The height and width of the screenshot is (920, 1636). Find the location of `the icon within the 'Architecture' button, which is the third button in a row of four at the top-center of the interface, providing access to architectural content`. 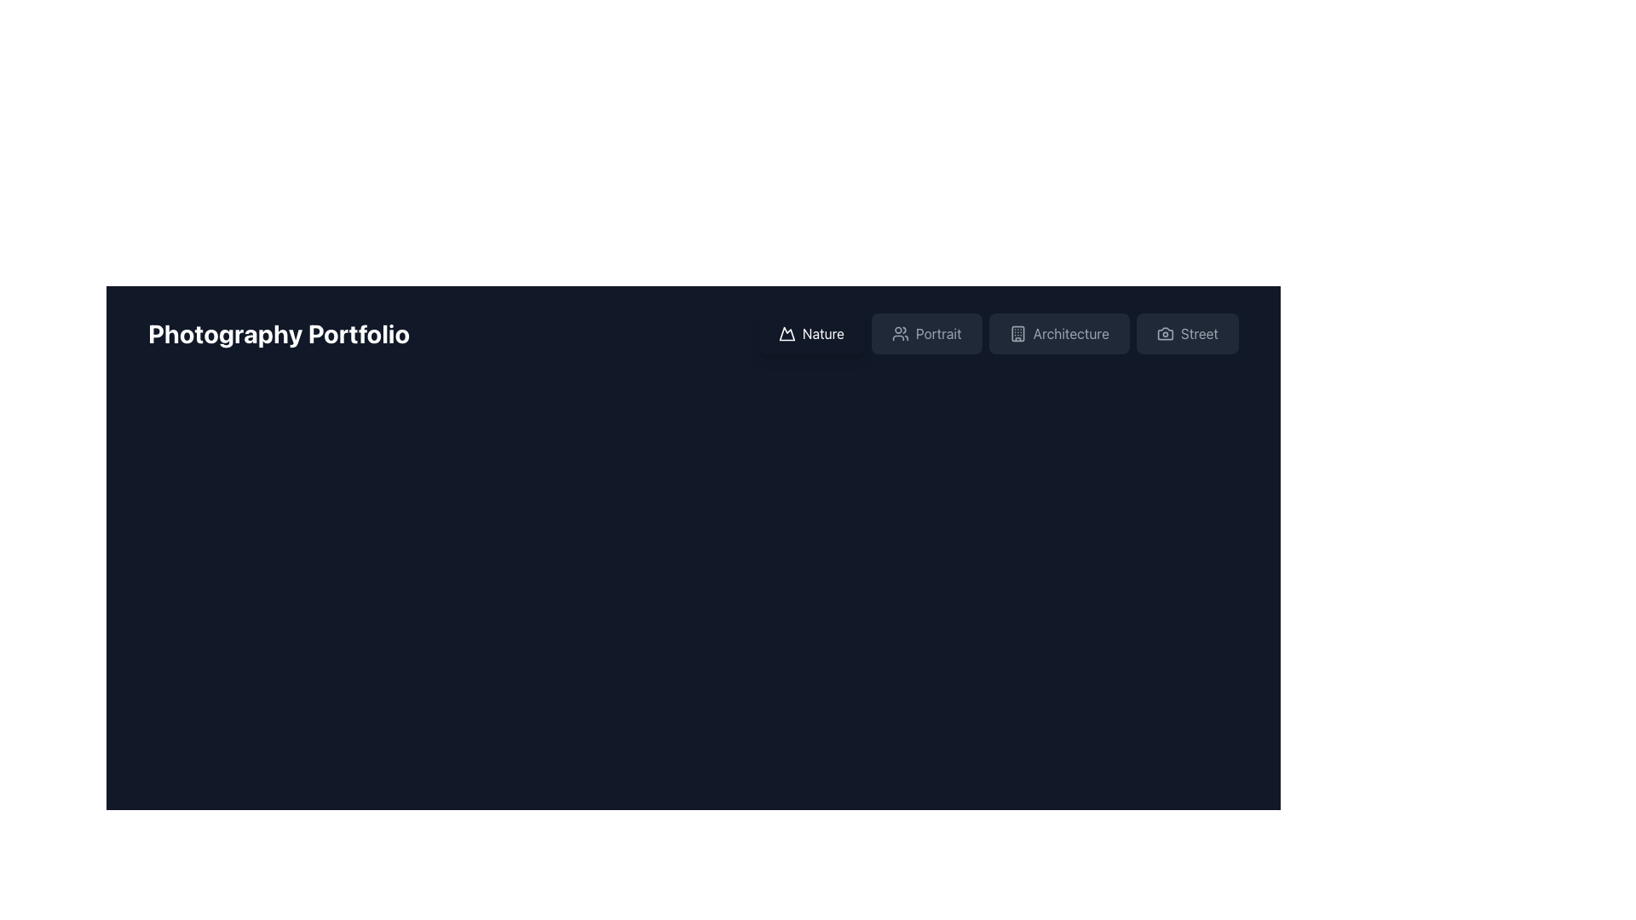

the icon within the 'Architecture' button, which is the third button in a row of four at the top-center of the interface, providing access to architectural content is located at coordinates (1017, 334).